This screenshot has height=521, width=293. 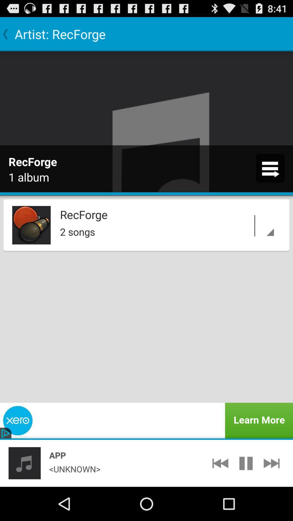 I want to click on the 2 songs, so click(x=168, y=230).